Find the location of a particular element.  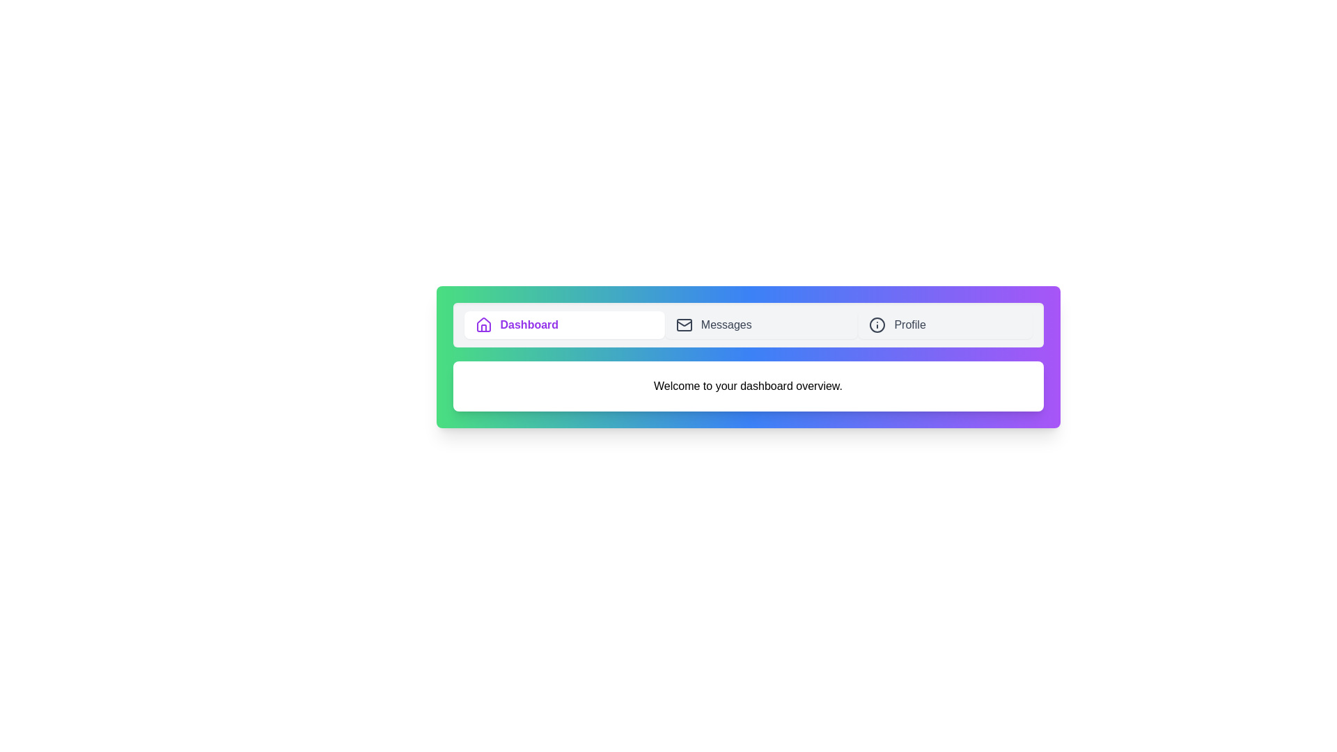

the Profile tab to switch to its content is located at coordinates (945, 324).